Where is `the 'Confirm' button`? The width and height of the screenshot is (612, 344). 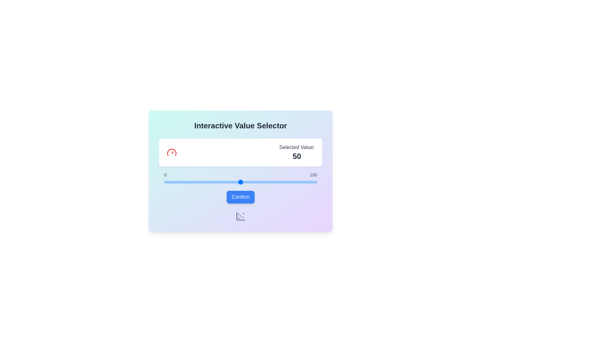
the 'Confirm' button is located at coordinates (240, 197).